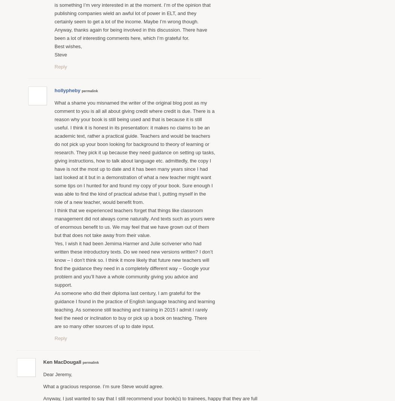 The width and height of the screenshot is (395, 401). What do you see at coordinates (54, 46) in the screenshot?
I see `'Best wishes,'` at bounding box center [54, 46].